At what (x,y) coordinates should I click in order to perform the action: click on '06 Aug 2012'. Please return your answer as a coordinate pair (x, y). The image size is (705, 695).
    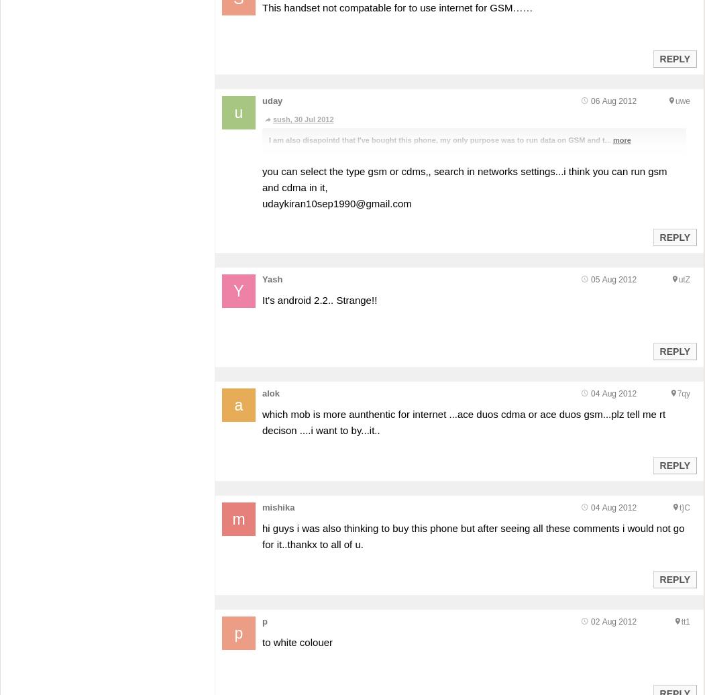
    Looking at the image, I should click on (590, 101).